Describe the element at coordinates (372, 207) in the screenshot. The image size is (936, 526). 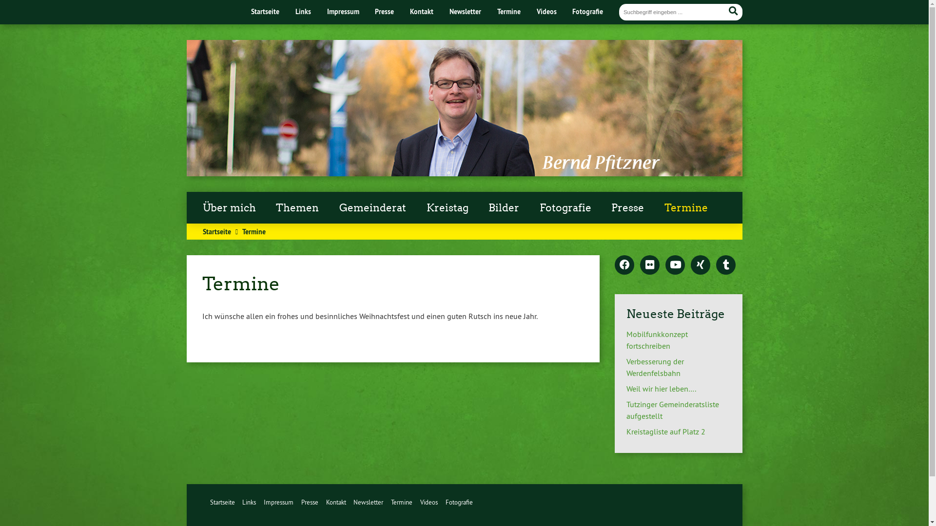
I see `'Gemeinderat'` at that location.